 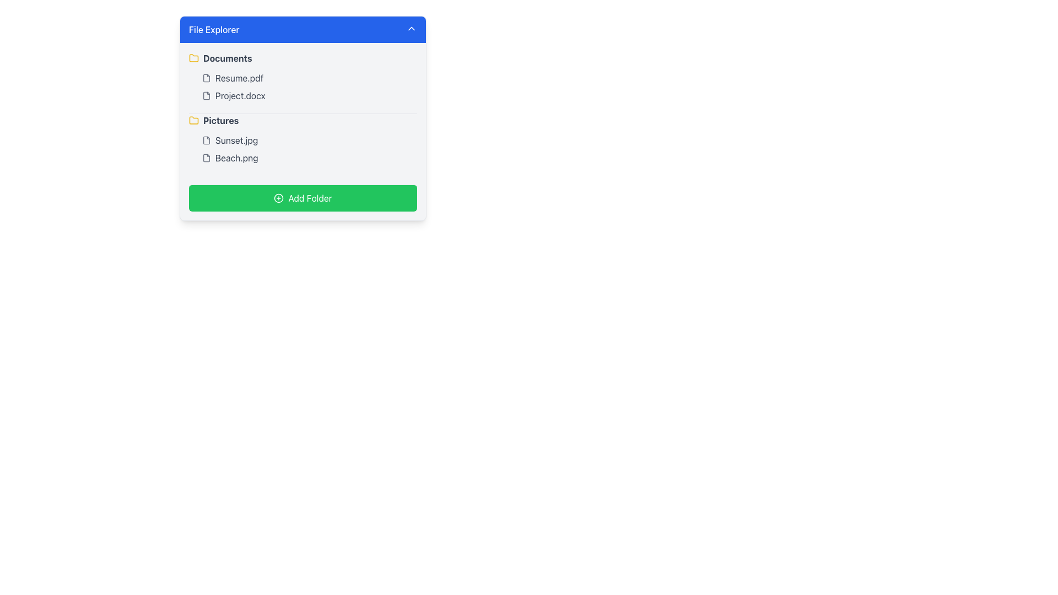 I want to click on the file icon located in the 'Pictures' section of the file explorer, which visually represents a file name, so click(x=206, y=139).